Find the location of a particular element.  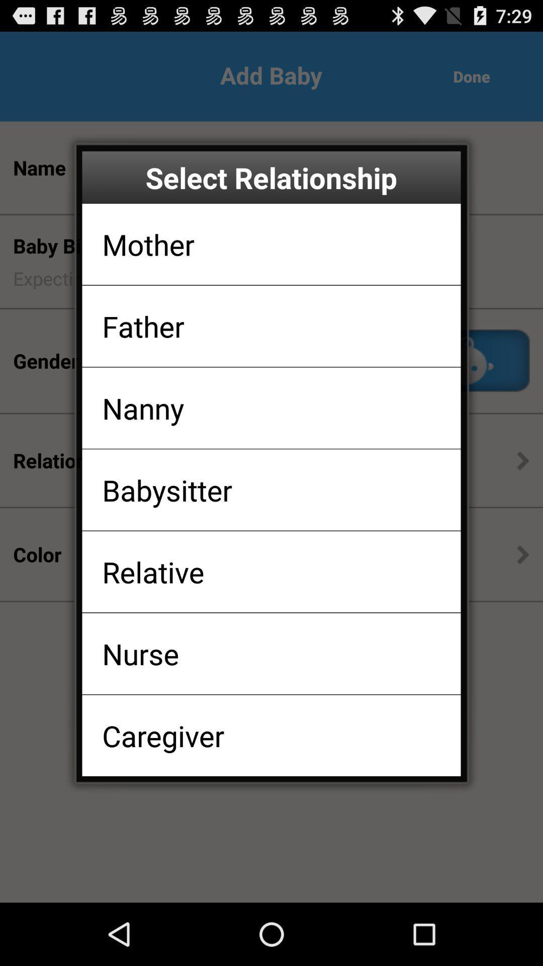

icon below the babysitter is located at coordinates (153, 572).